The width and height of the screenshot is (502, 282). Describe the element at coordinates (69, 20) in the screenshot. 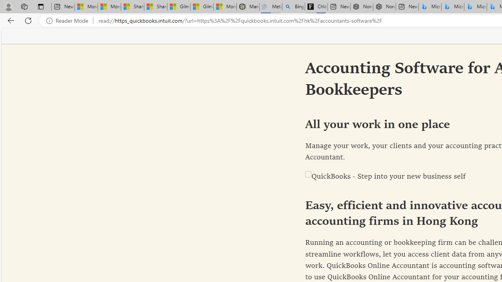

I see `'Reader Mode'` at that location.